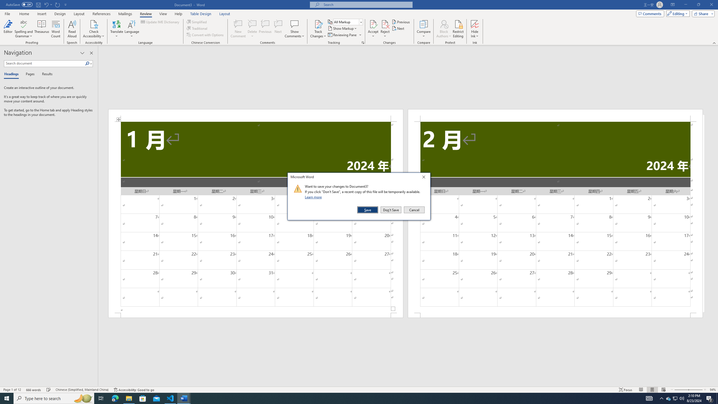 The width and height of the screenshot is (718, 404). What do you see at coordinates (444, 29) in the screenshot?
I see `'Block Authors'` at bounding box center [444, 29].